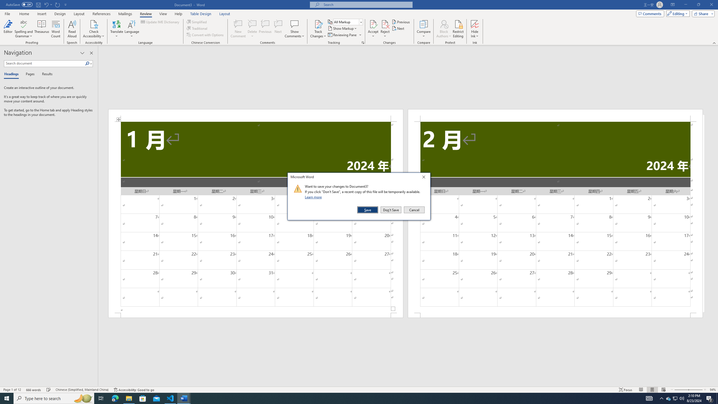 The width and height of the screenshot is (718, 404). What do you see at coordinates (444, 29) in the screenshot?
I see `'Block Authors'` at bounding box center [444, 29].